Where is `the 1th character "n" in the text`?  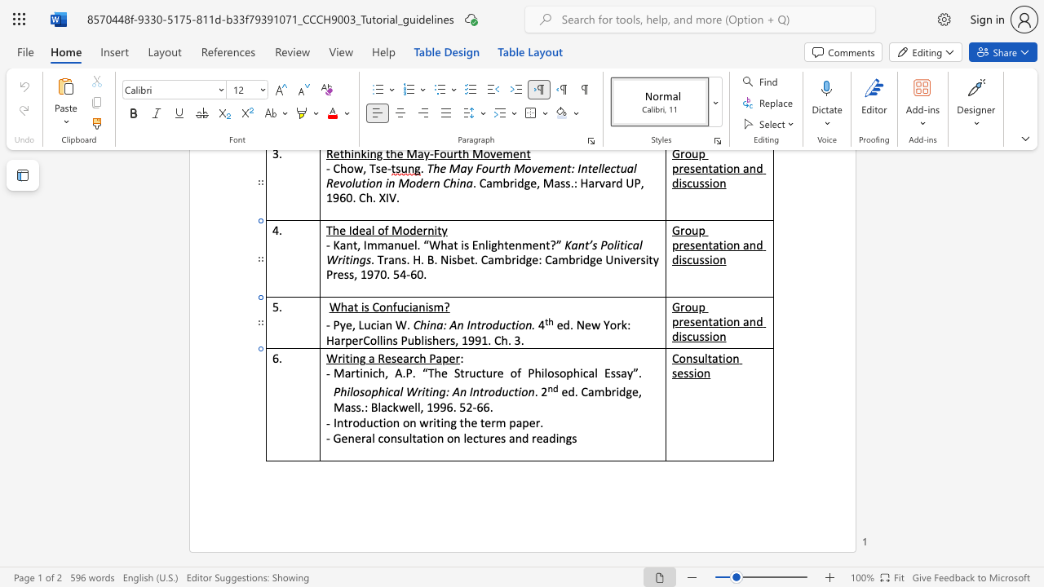
the 1th character "n" in the text is located at coordinates (365, 373).